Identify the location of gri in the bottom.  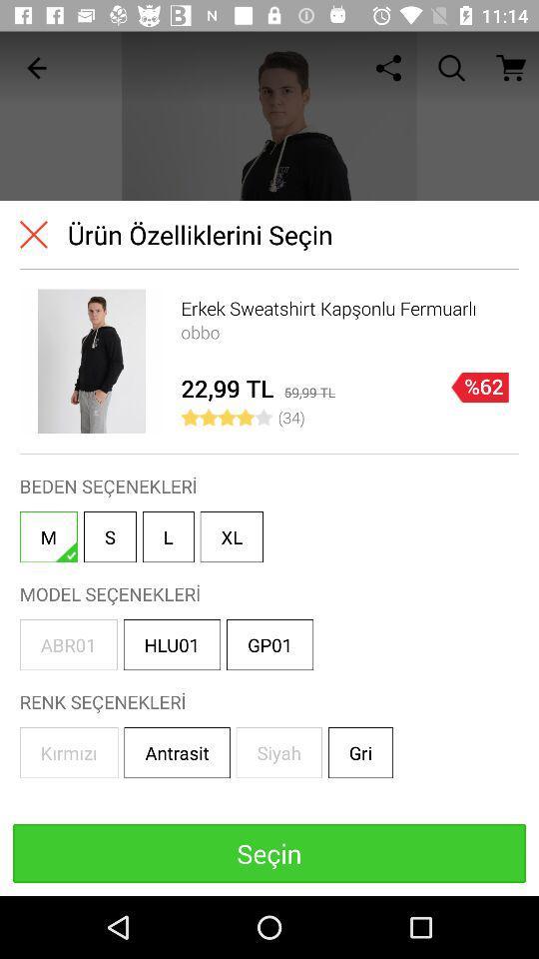
(359, 751).